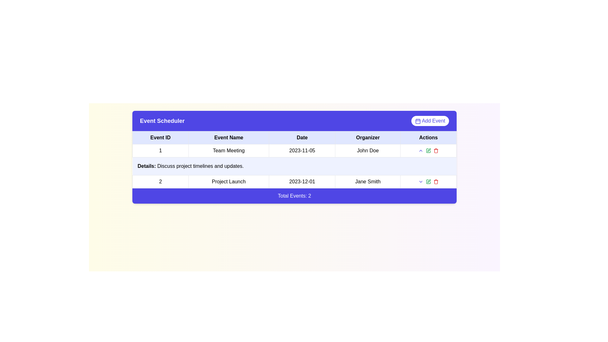 The width and height of the screenshot is (608, 342). I want to click on the second row of the table containing the text '2', 'Project Launch', '2023-12-01', 'Jane Smith', and action icons, so click(294, 182).